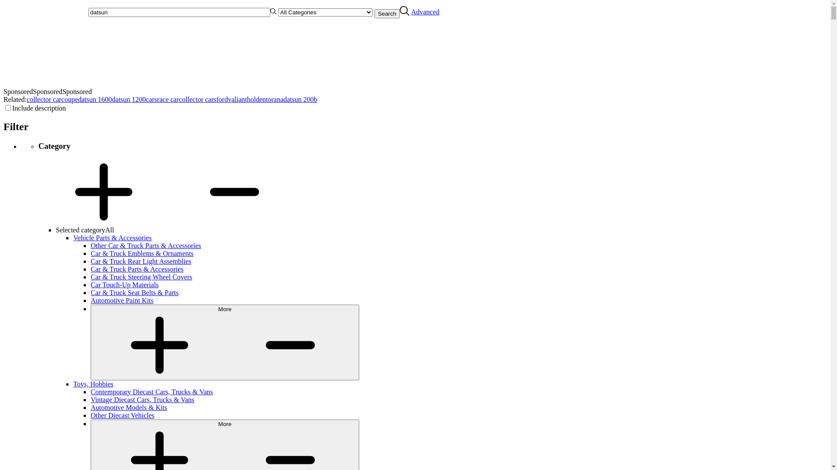 The image size is (837, 470). What do you see at coordinates (425, 12) in the screenshot?
I see `'Advanced'` at bounding box center [425, 12].